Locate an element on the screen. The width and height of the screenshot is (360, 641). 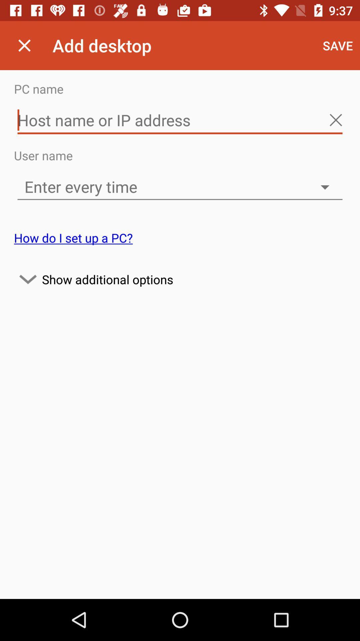
icon at the center is located at coordinates (180, 279).